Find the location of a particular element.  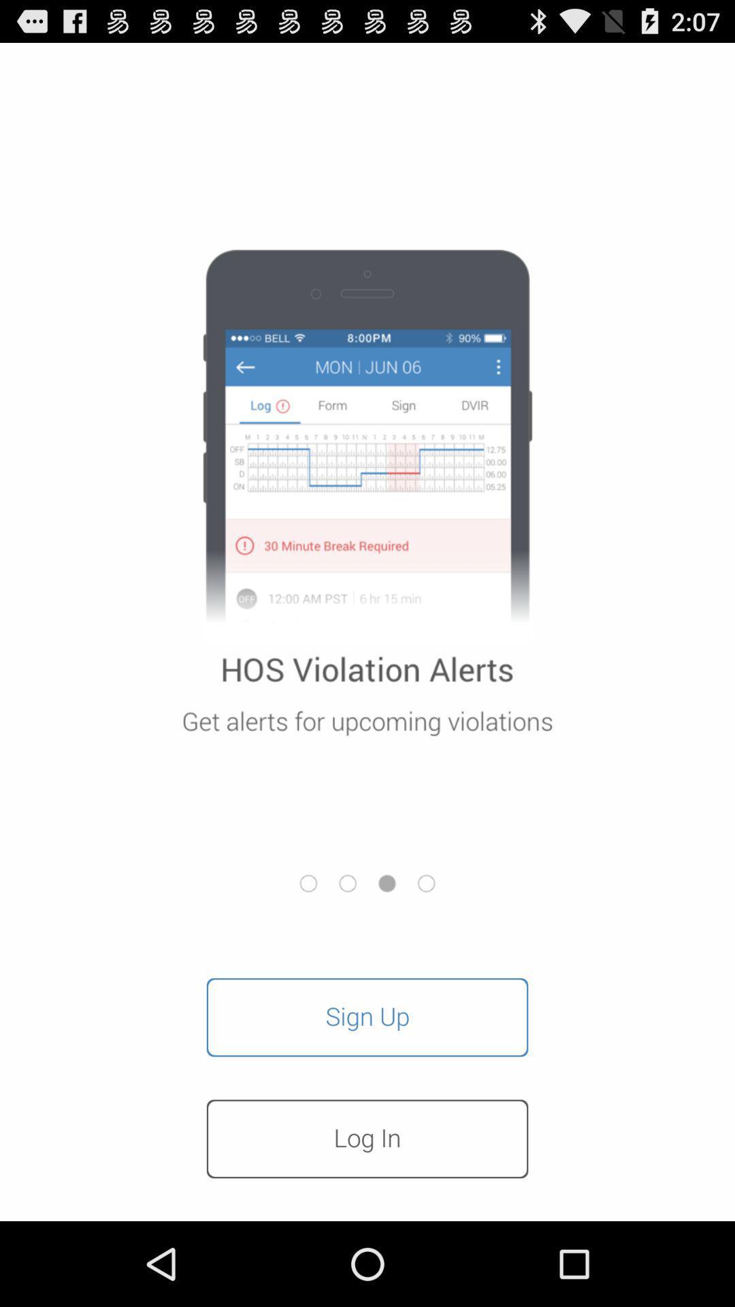

the sign up is located at coordinates (367, 1017).